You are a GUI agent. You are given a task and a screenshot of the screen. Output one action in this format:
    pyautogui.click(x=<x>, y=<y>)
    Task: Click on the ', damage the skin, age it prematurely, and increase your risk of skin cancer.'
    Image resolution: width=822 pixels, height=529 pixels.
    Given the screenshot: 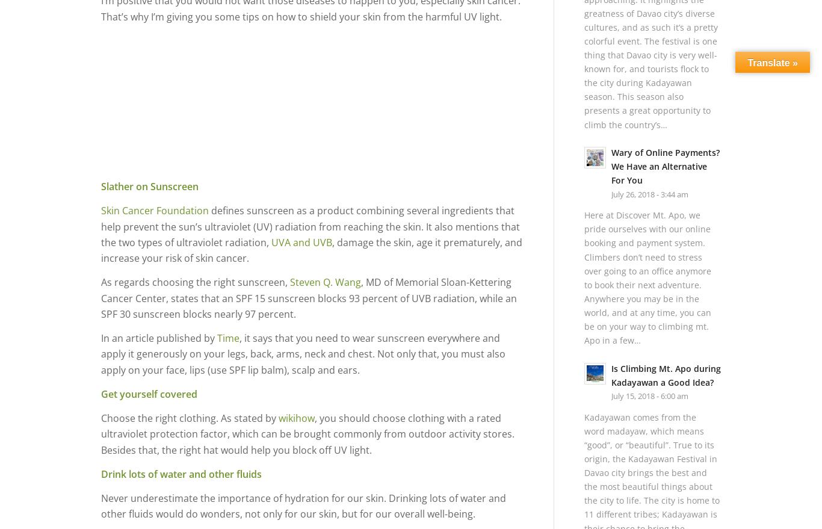 What is the action you would take?
    pyautogui.click(x=311, y=249)
    